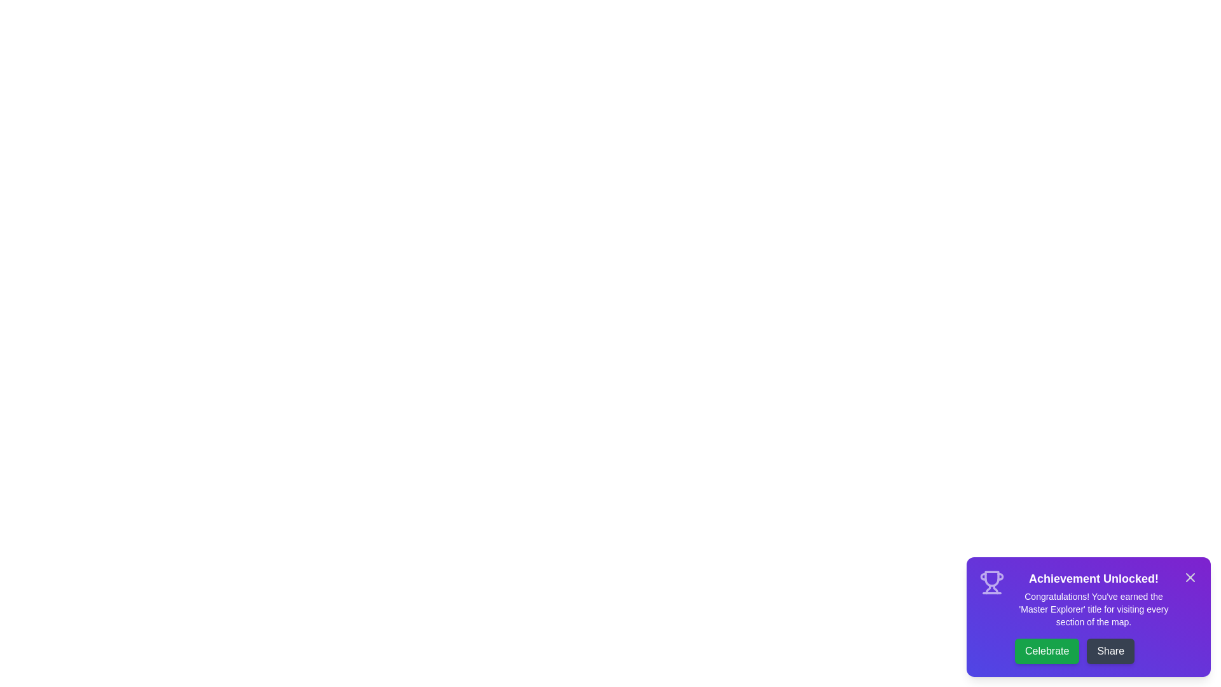 The width and height of the screenshot is (1221, 687). I want to click on the 'Share' button to share the achievement, so click(1110, 651).